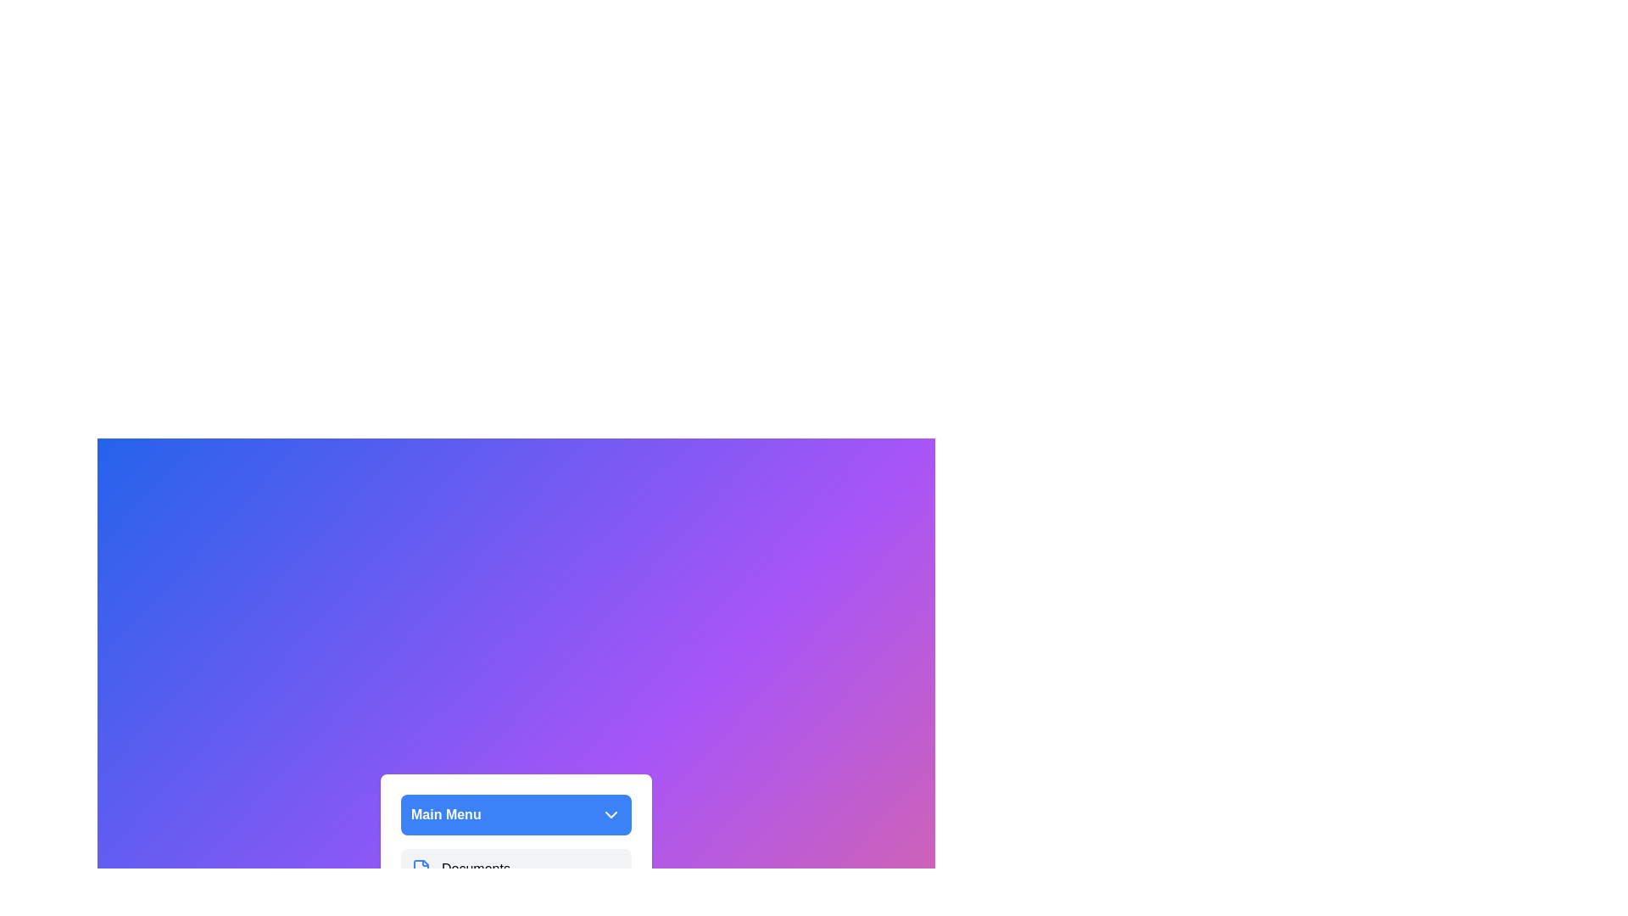 Image resolution: width=1628 pixels, height=916 pixels. Describe the element at coordinates (516, 869) in the screenshot. I see `the 'Documents' menu item` at that location.